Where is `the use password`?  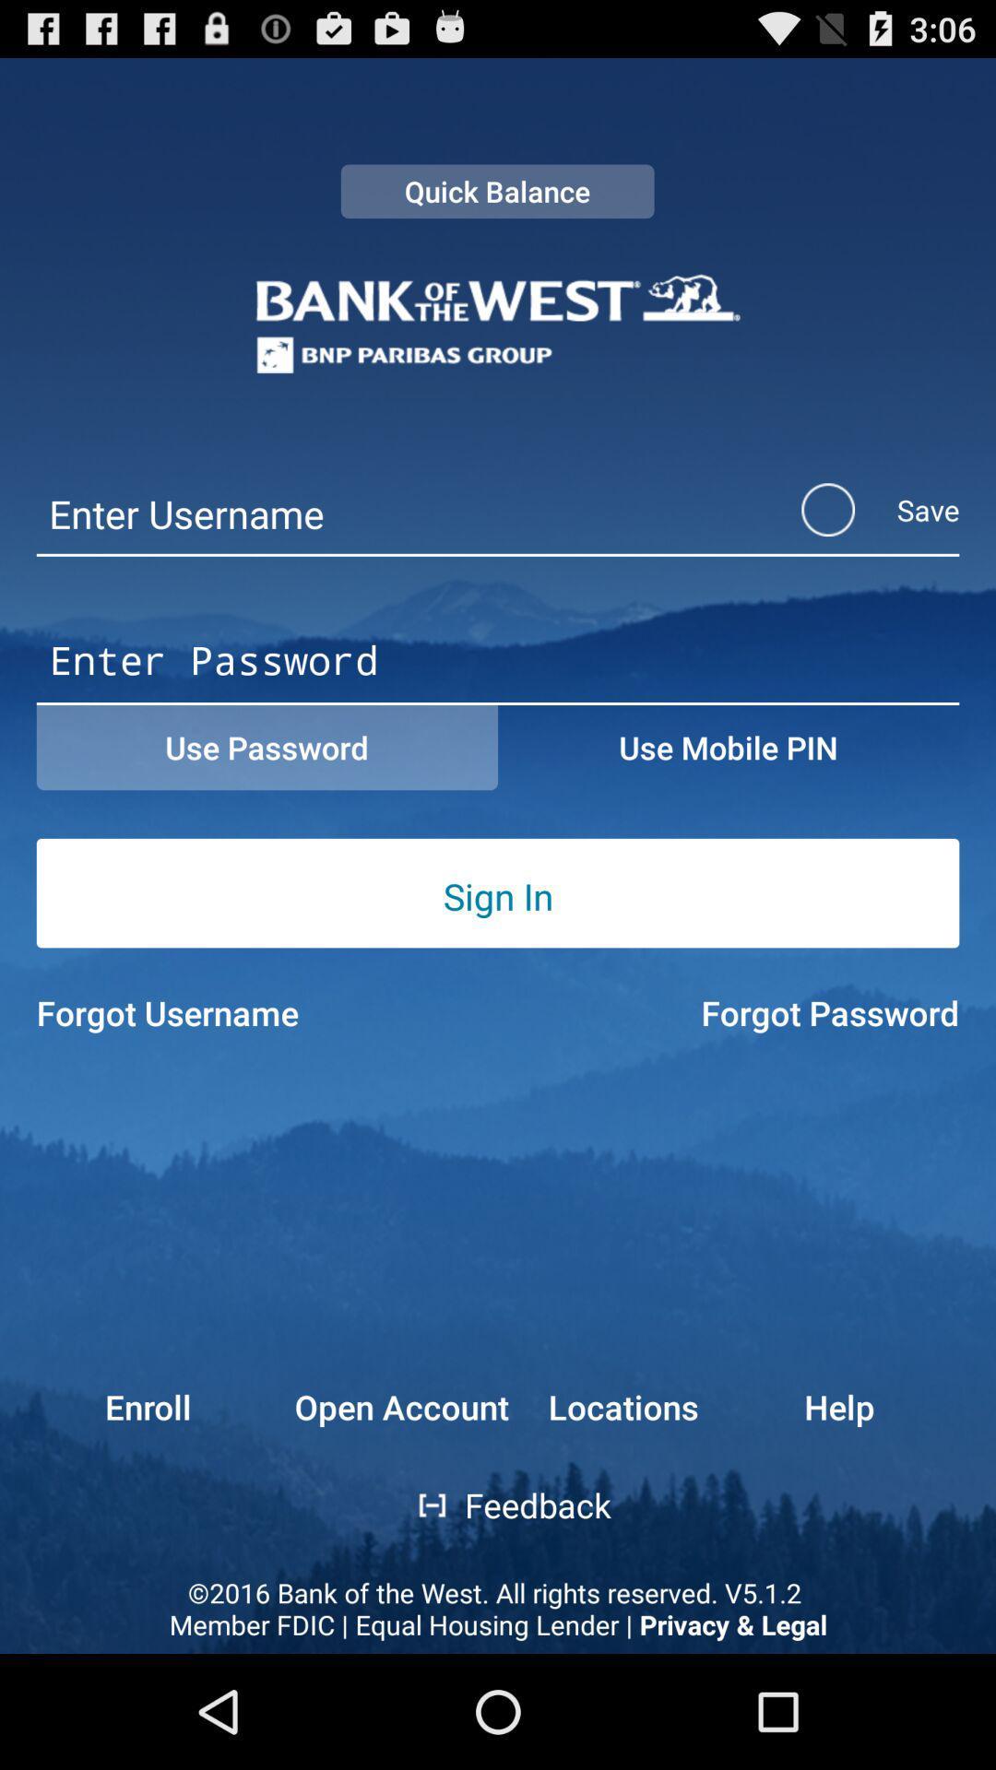
the use password is located at coordinates (267, 748).